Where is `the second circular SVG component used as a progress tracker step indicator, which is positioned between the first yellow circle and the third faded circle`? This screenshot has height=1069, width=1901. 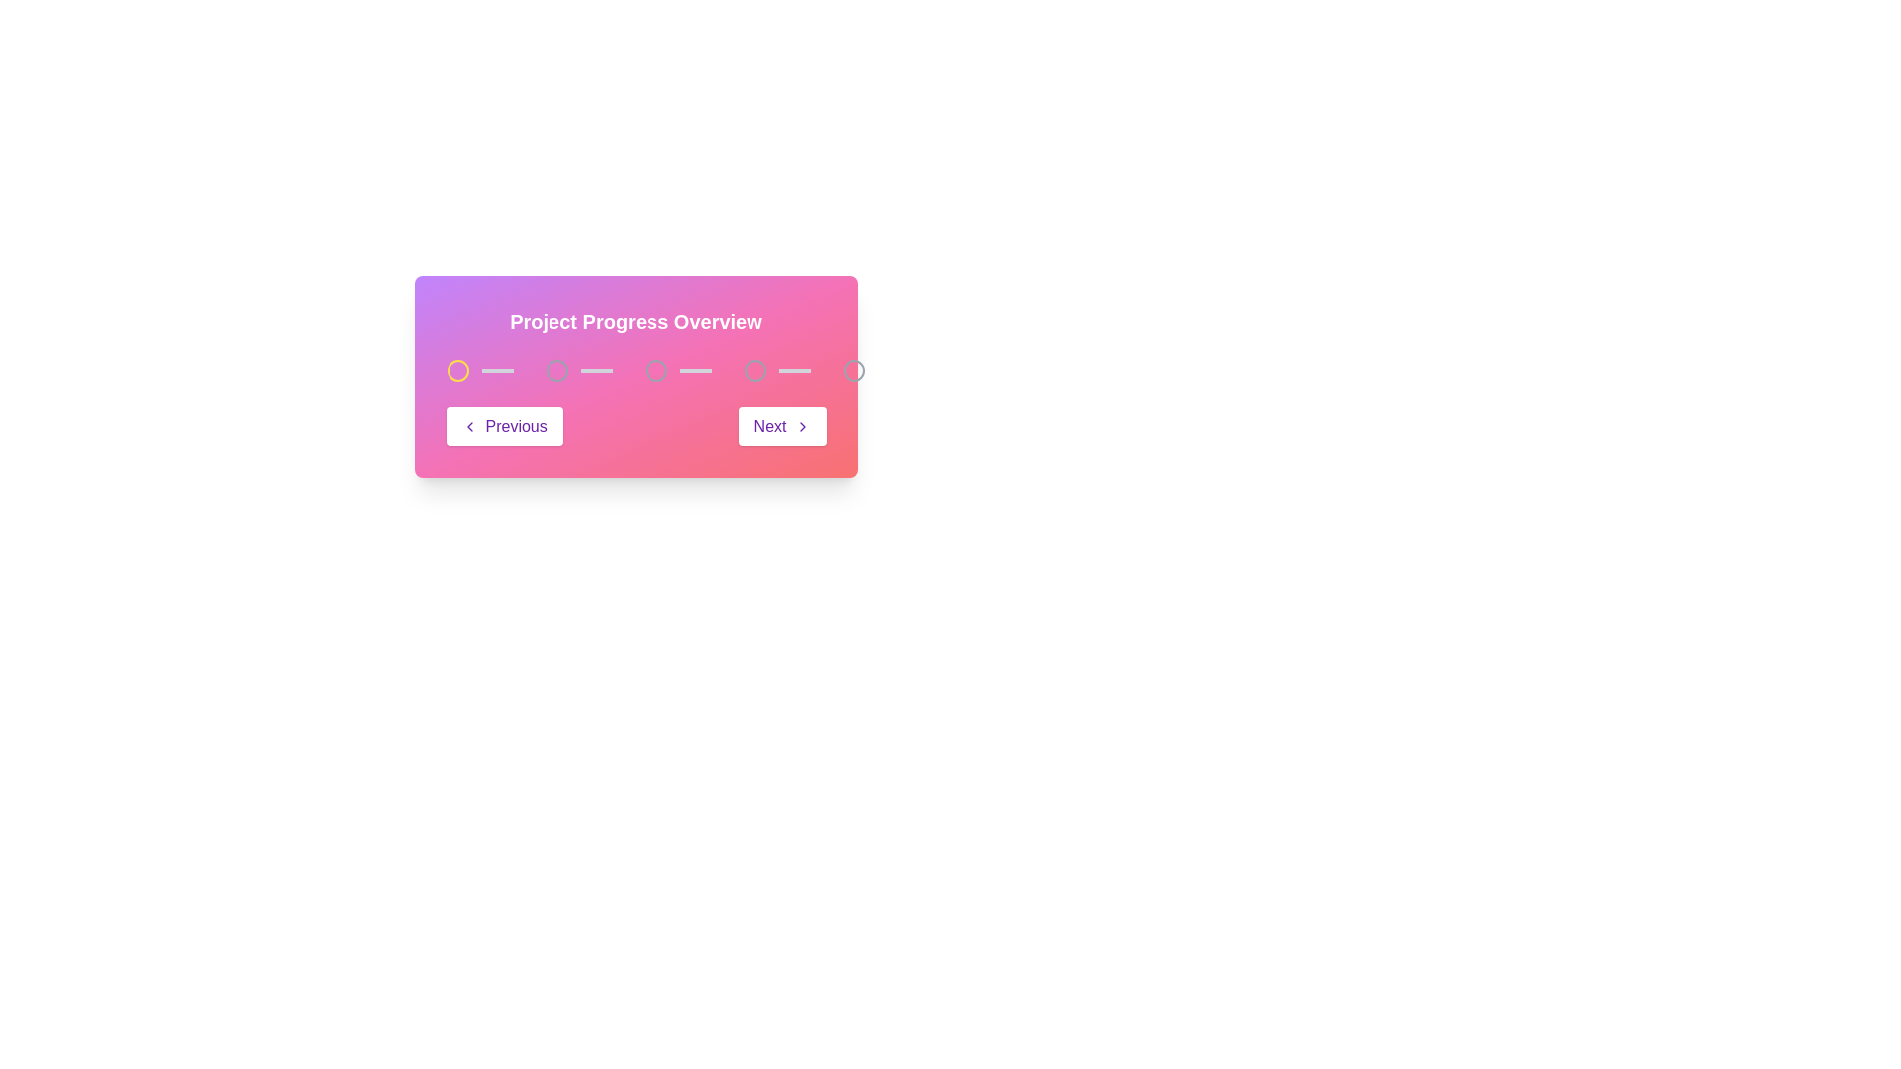 the second circular SVG component used as a progress tracker step indicator, which is positioned between the first yellow circle and the third faded circle is located at coordinates (555, 370).